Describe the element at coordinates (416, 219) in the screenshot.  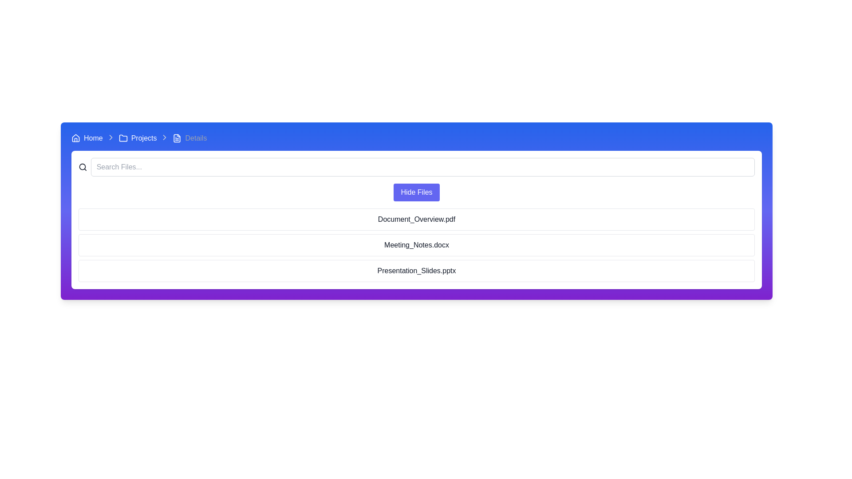
I see `the text label displaying 'Document_Overview.pdf', which is the first item in a vertically stacked list of documents` at that location.